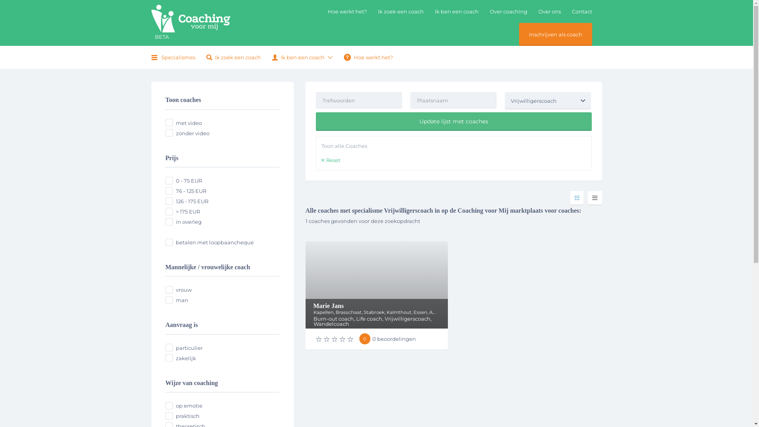 This screenshot has width=759, height=427. I want to click on 'inagreement', so click(168, 221).